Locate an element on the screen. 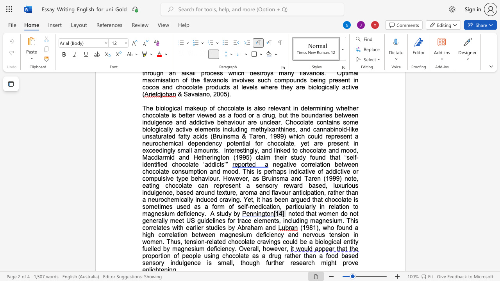  the 2th character "p" in the text is located at coordinates (281, 171).